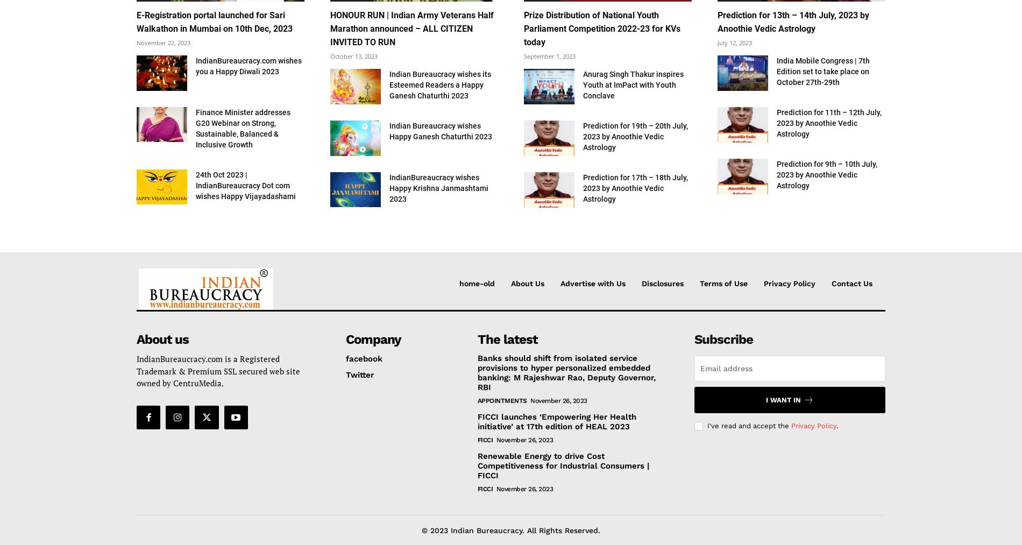  What do you see at coordinates (459, 283) in the screenshot?
I see `'home-old'` at bounding box center [459, 283].